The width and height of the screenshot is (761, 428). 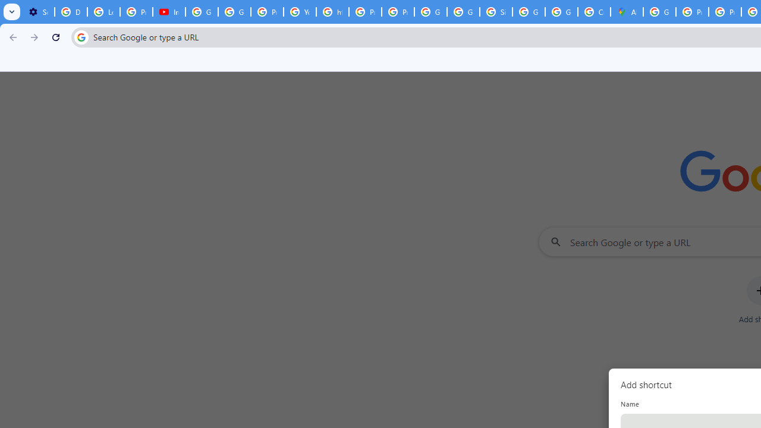 What do you see at coordinates (495, 12) in the screenshot?
I see `'Sign in - Google Accounts'` at bounding box center [495, 12].